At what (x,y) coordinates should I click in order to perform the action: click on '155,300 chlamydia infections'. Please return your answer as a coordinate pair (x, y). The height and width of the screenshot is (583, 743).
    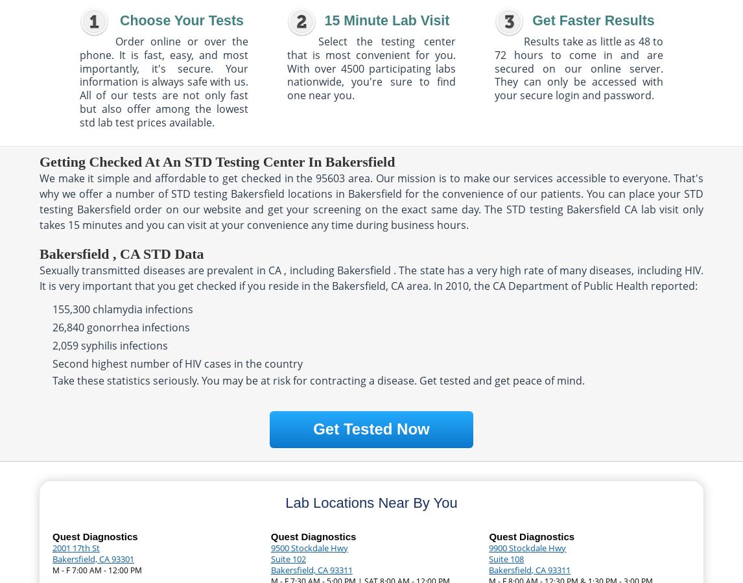
    Looking at the image, I should click on (123, 309).